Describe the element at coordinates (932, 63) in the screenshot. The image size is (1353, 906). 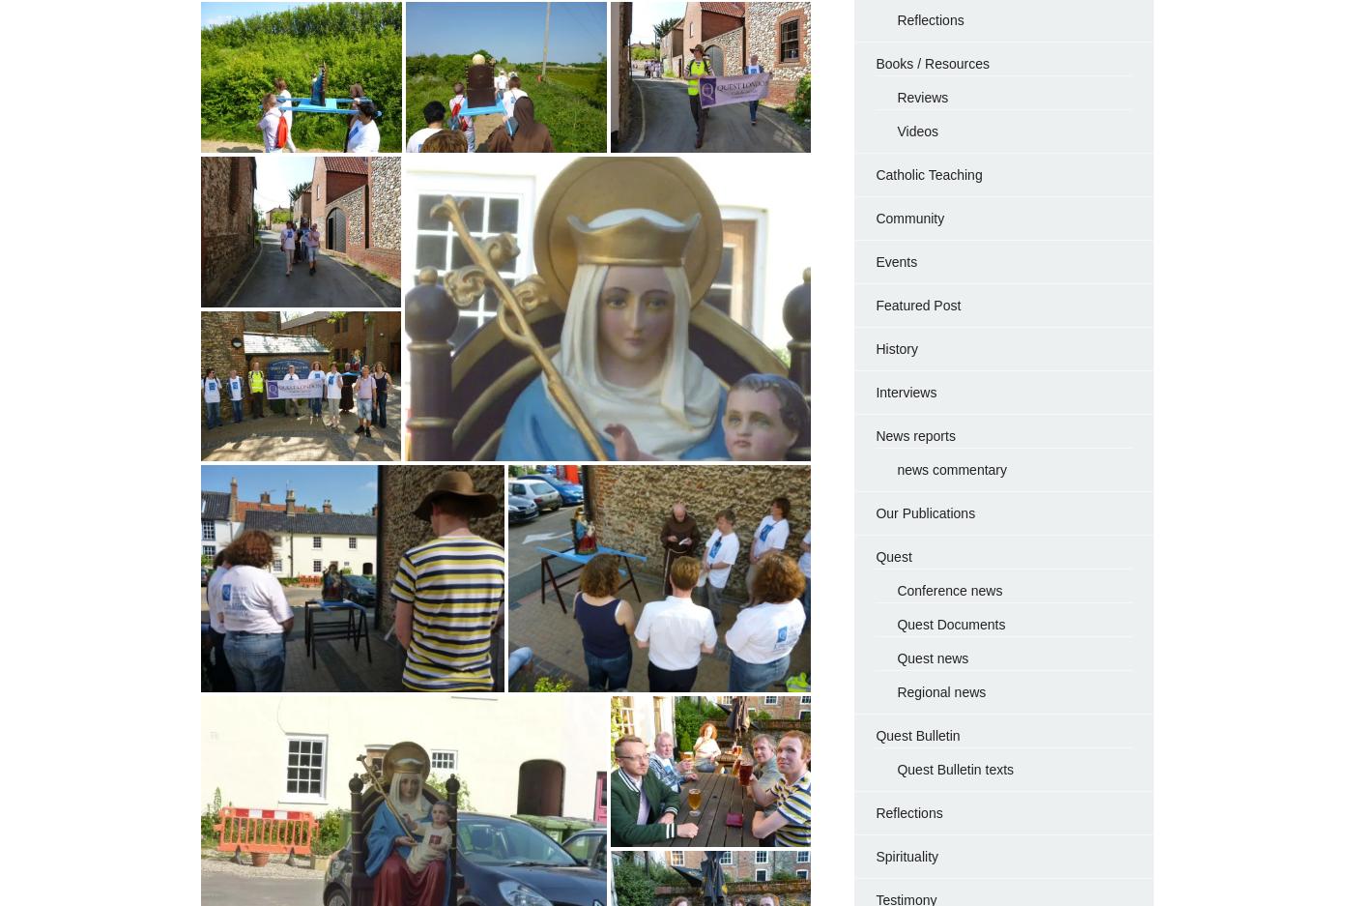
I see `'Books / Resources'` at that location.